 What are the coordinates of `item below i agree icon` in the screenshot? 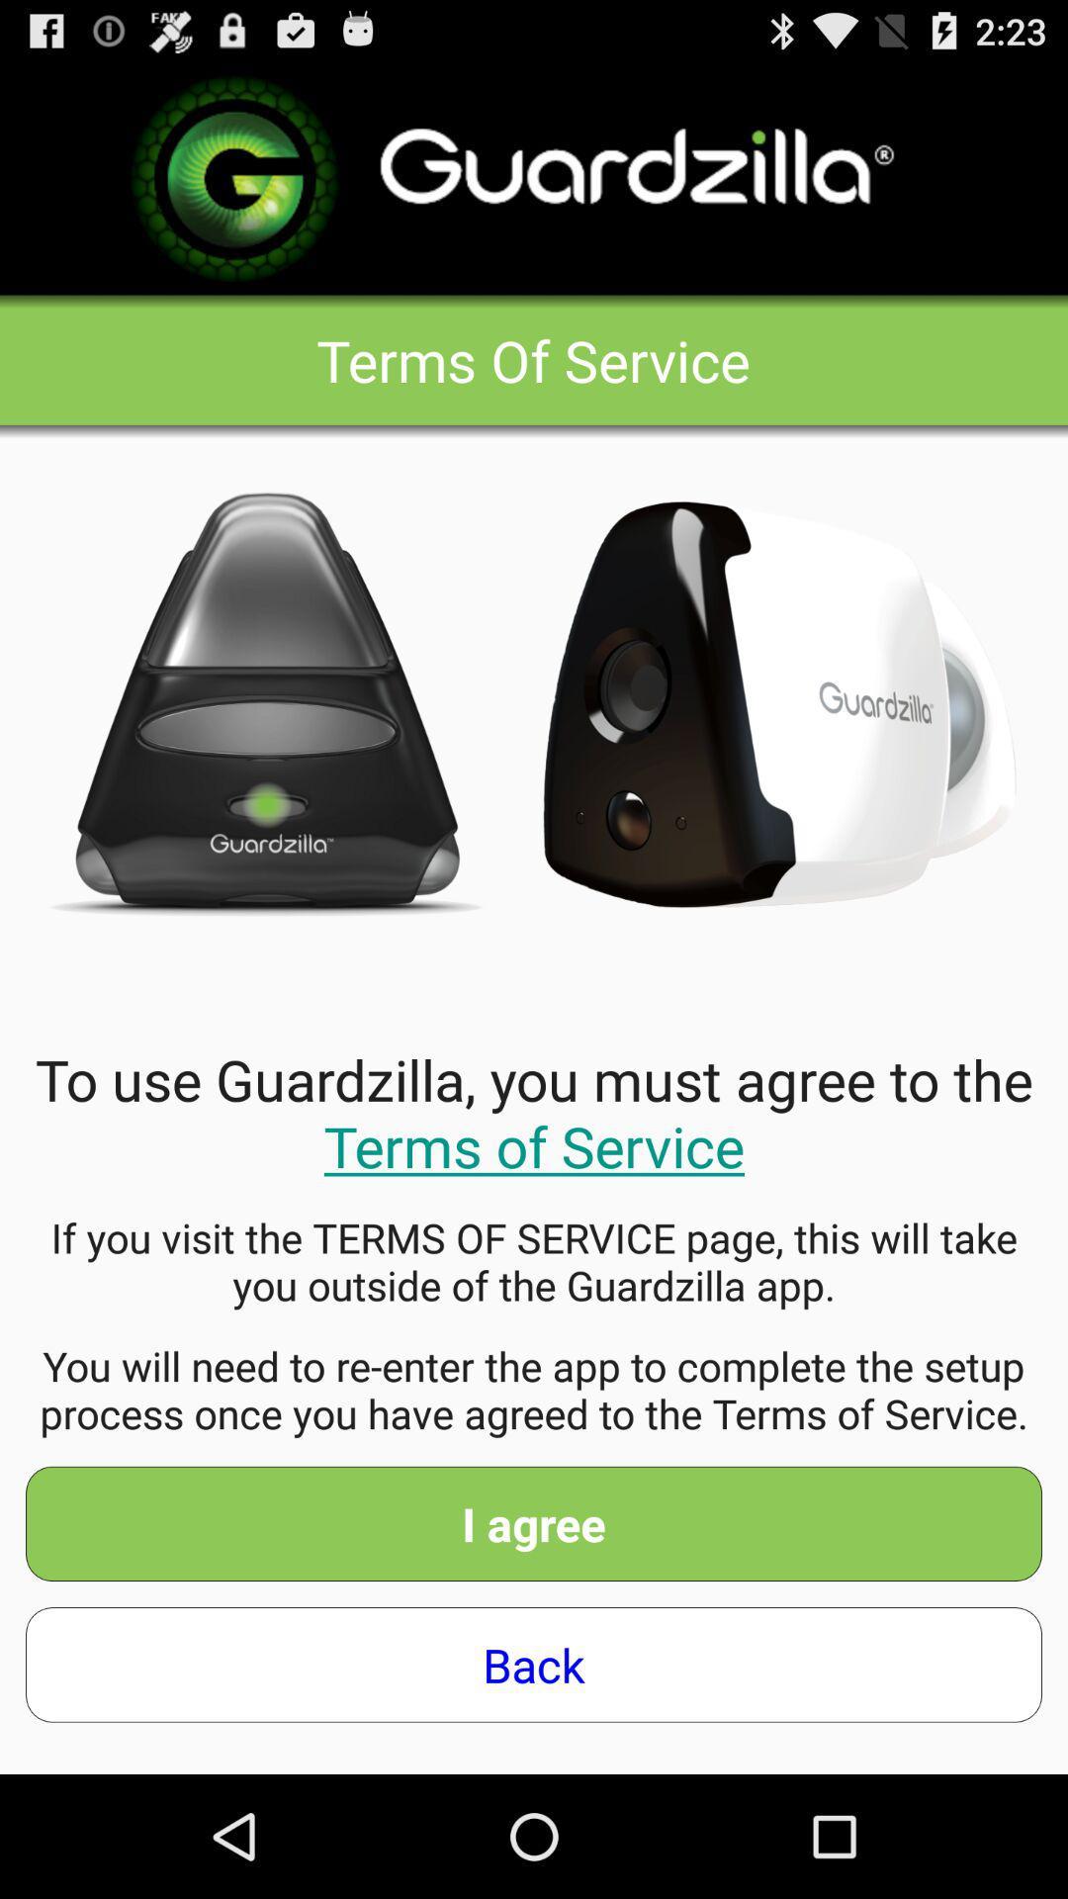 It's located at (534, 1664).